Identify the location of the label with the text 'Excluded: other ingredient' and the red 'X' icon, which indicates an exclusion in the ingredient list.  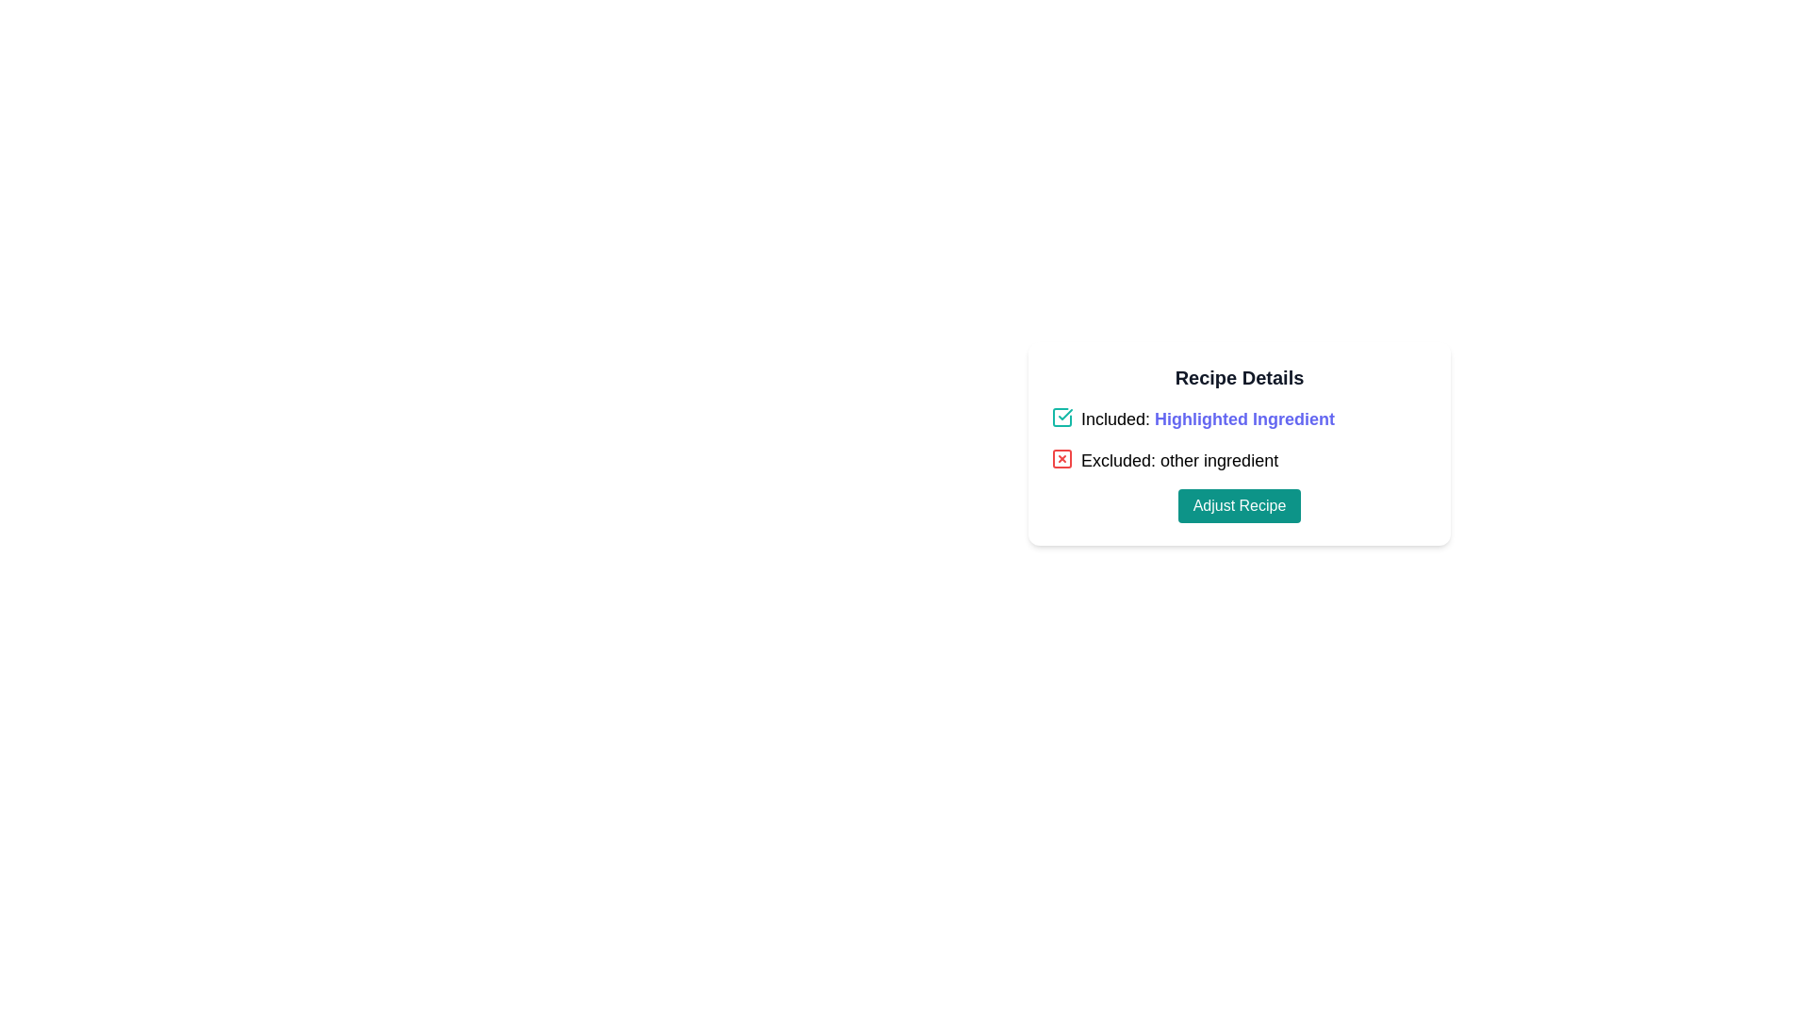
(1240, 461).